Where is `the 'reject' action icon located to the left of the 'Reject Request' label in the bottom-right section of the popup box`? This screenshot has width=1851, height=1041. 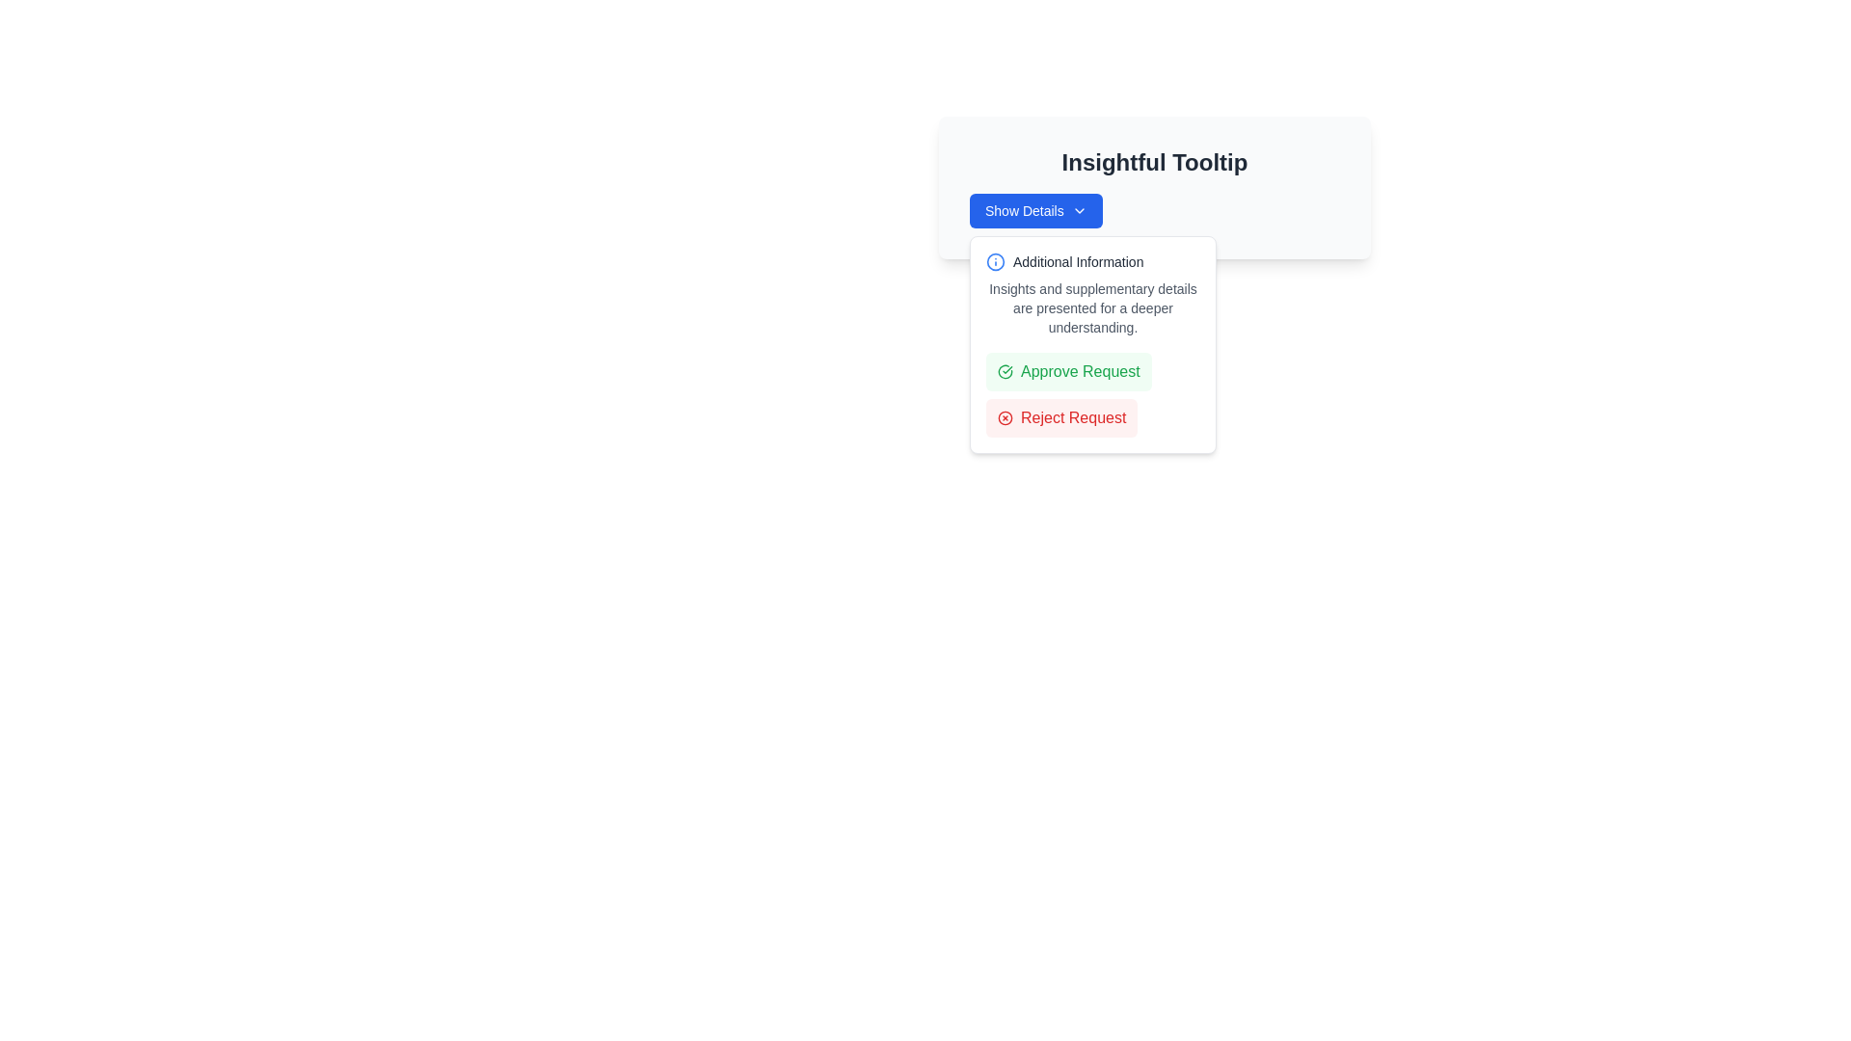 the 'reject' action icon located to the left of the 'Reject Request' label in the bottom-right section of the popup box is located at coordinates (1004, 417).